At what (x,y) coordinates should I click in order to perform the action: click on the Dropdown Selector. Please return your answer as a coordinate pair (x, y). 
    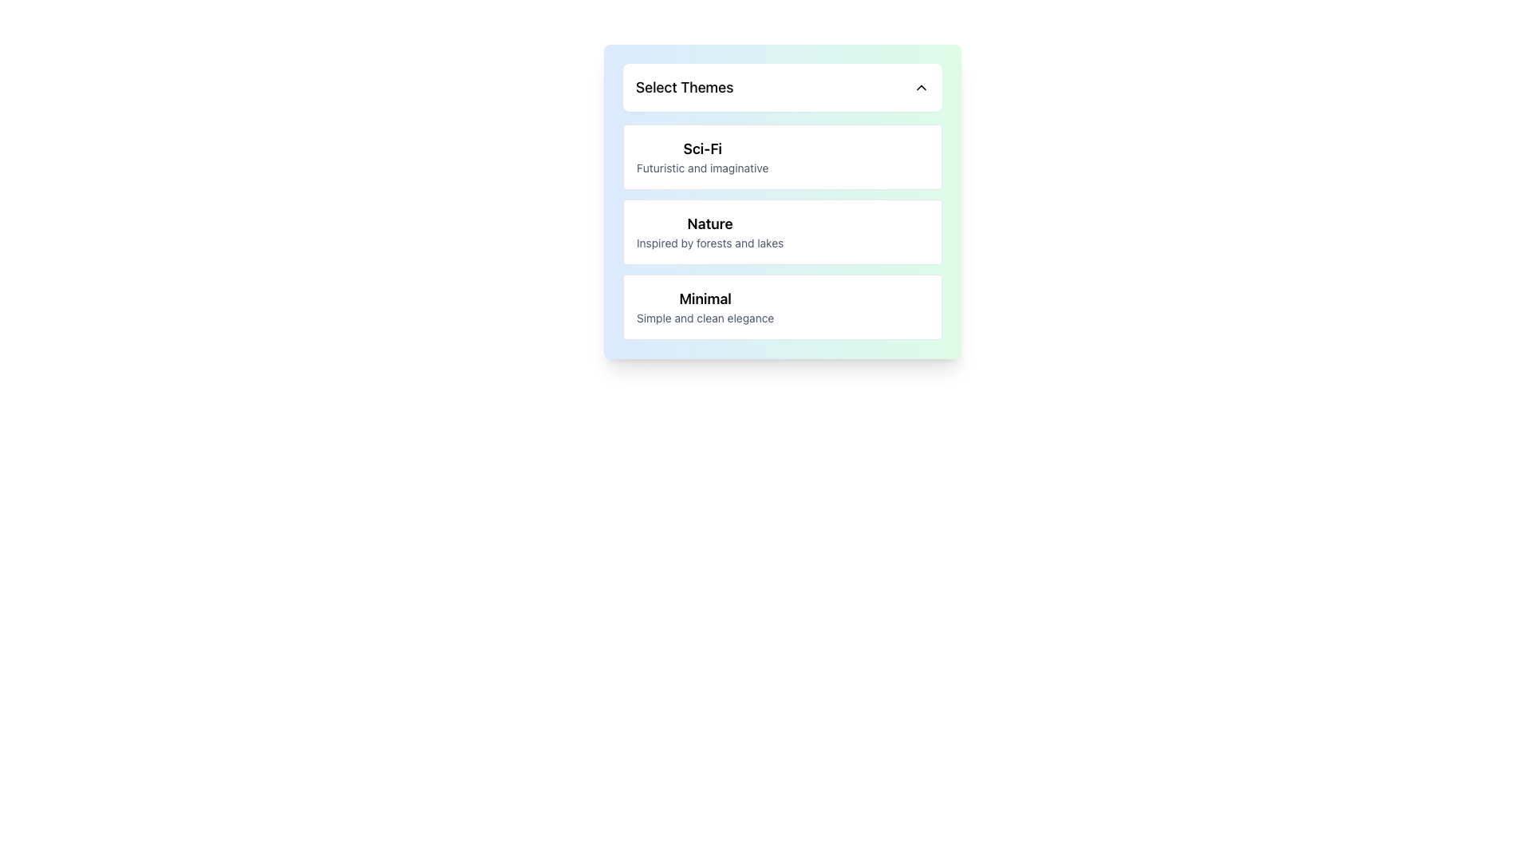
    Looking at the image, I should click on (782, 88).